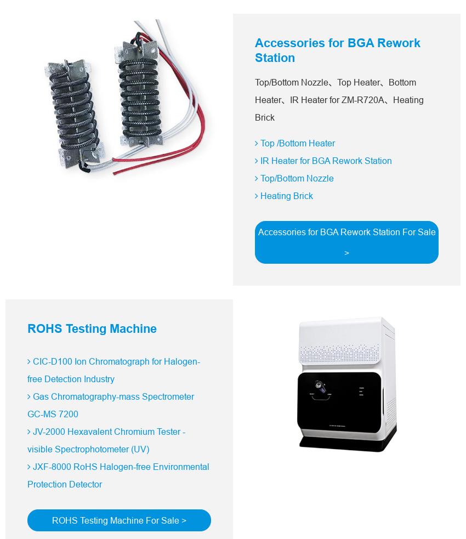 The height and width of the screenshot is (539, 466). What do you see at coordinates (295, 178) in the screenshot?
I see `'Top/Bottom Nozzle'` at bounding box center [295, 178].